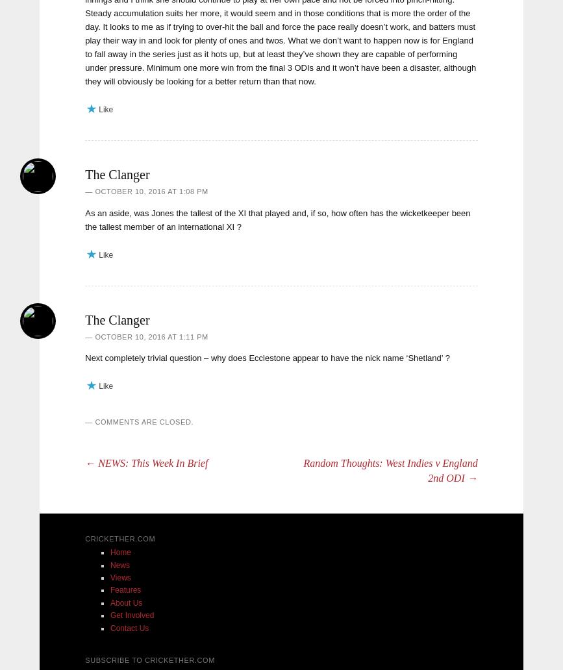 This screenshot has height=670, width=563. What do you see at coordinates (129, 627) in the screenshot?
I see `'Contact Us'` at bounding box center [129, 627].